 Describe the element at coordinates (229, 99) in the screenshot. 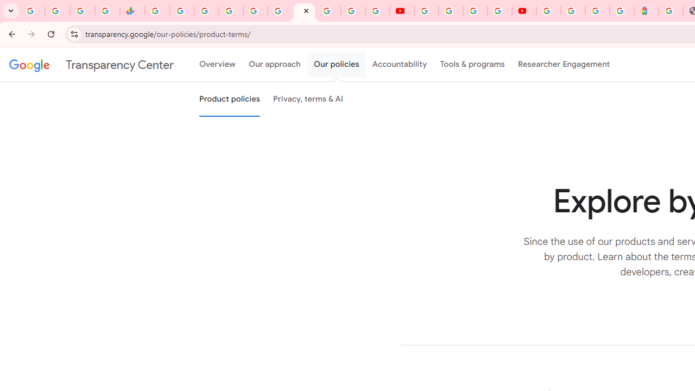

I see `'Product policies'` at that location.